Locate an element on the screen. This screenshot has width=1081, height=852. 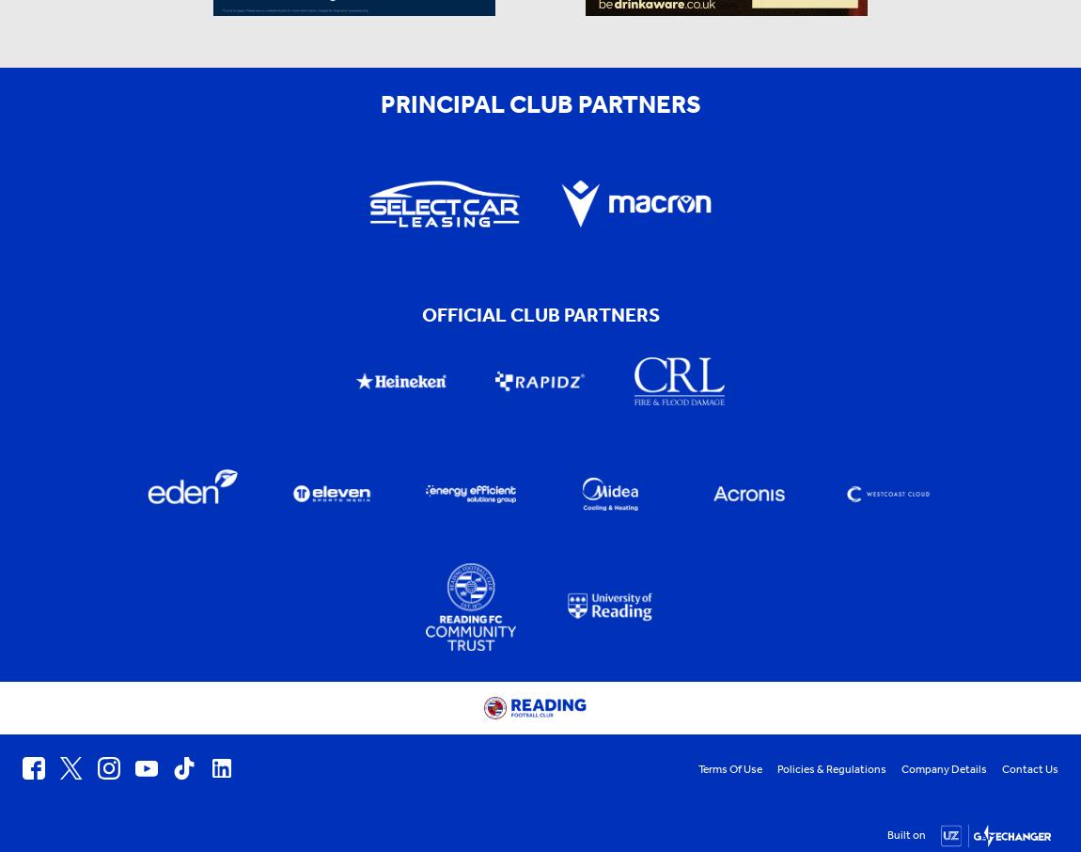
'Terms Of Use' is located at coordinates (729, 768).